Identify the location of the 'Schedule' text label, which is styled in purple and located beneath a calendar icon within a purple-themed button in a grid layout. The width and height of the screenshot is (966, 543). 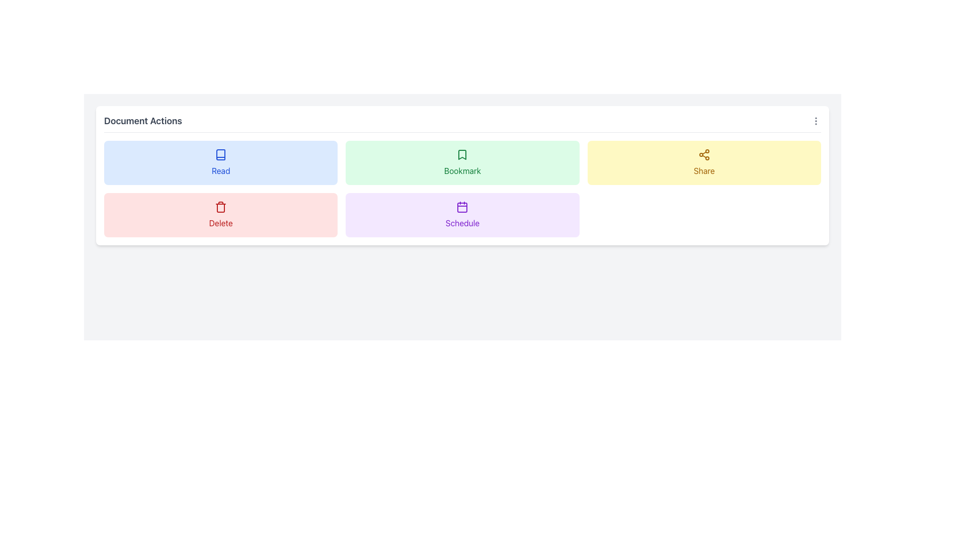
(462, 222).